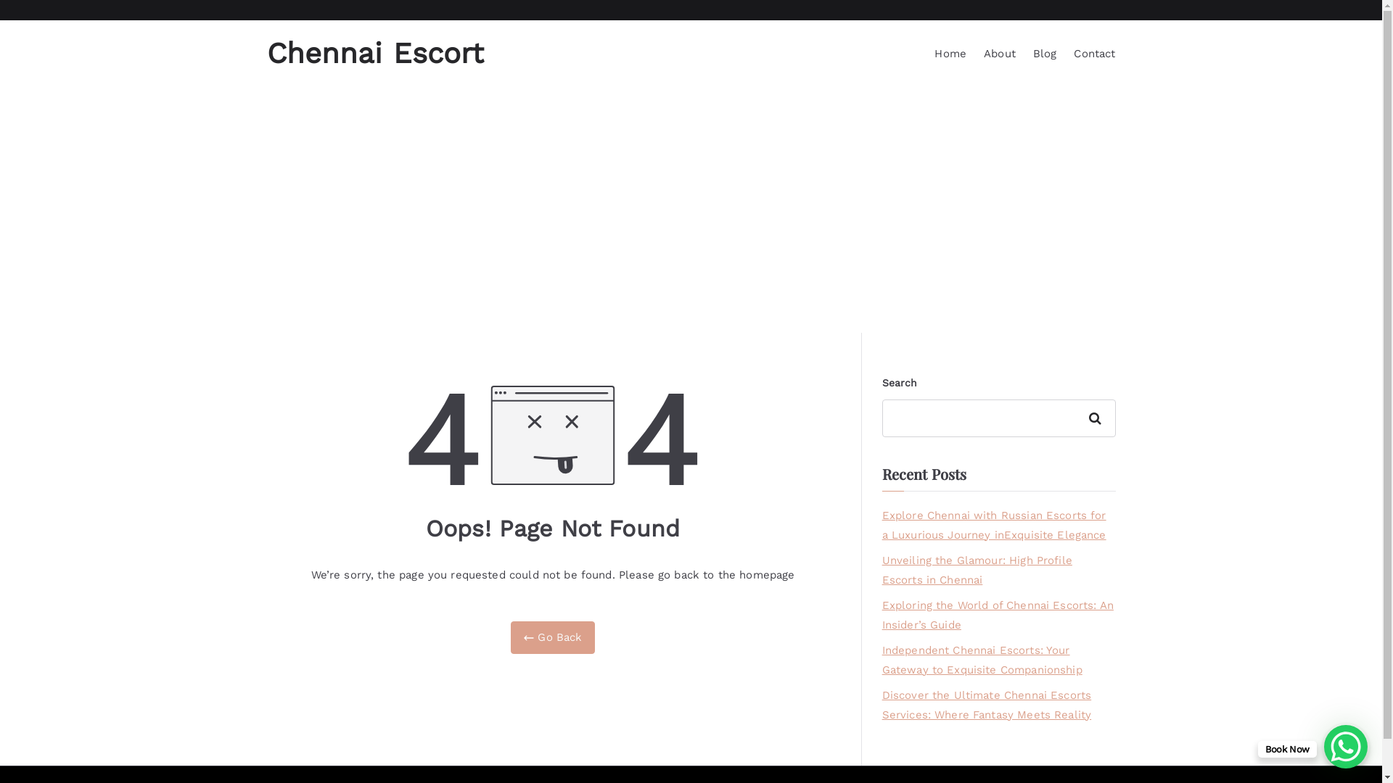 The image size is (1393, 783). Describe the element at coordinates (998, 52) in the screenshot. I see `'About'` at that location.